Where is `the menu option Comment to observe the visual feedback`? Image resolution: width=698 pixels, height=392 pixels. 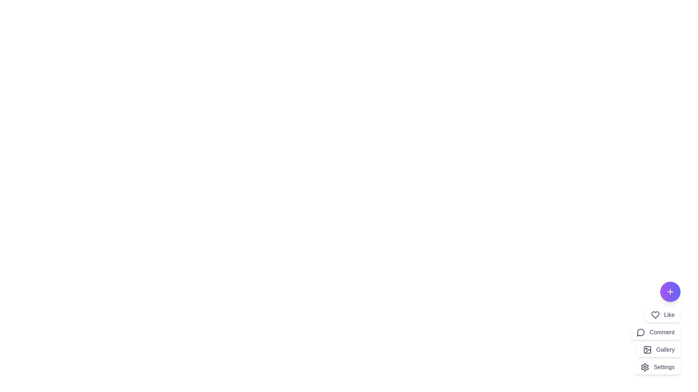 the menu option Comment to observe the visual feedback is located at coordinates (655, 332).